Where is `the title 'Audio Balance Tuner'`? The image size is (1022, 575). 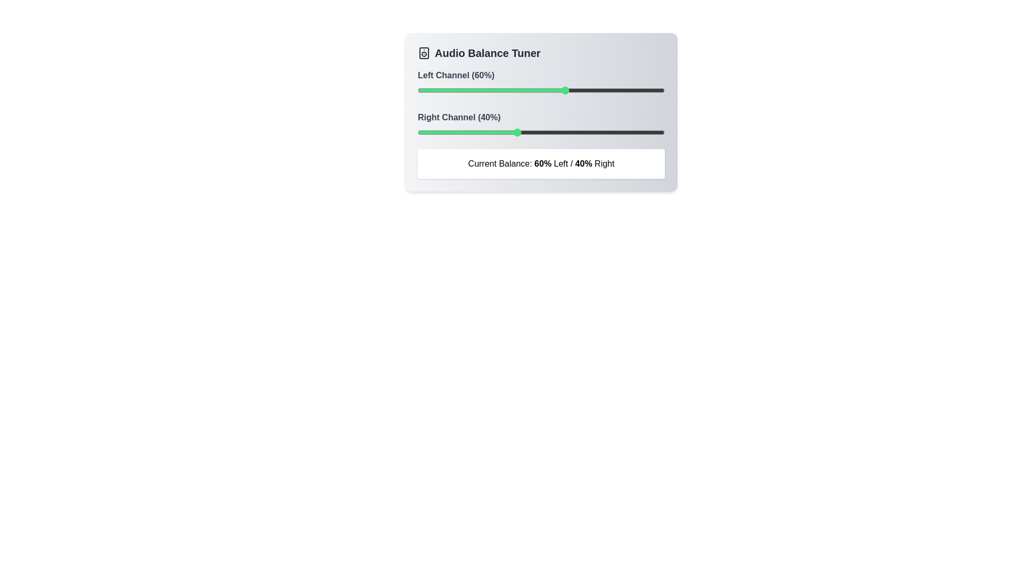
the title 'Audio Balance Tuner' is located at coordinates (541, 53).